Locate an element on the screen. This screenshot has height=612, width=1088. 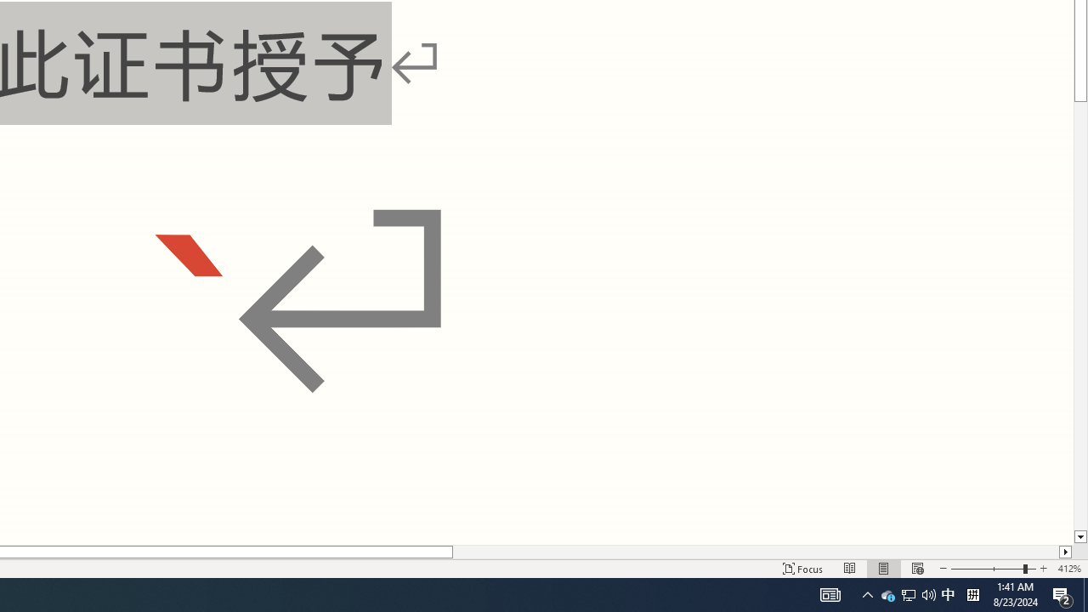
'Web Layout' is located at coordinates (916, 569).